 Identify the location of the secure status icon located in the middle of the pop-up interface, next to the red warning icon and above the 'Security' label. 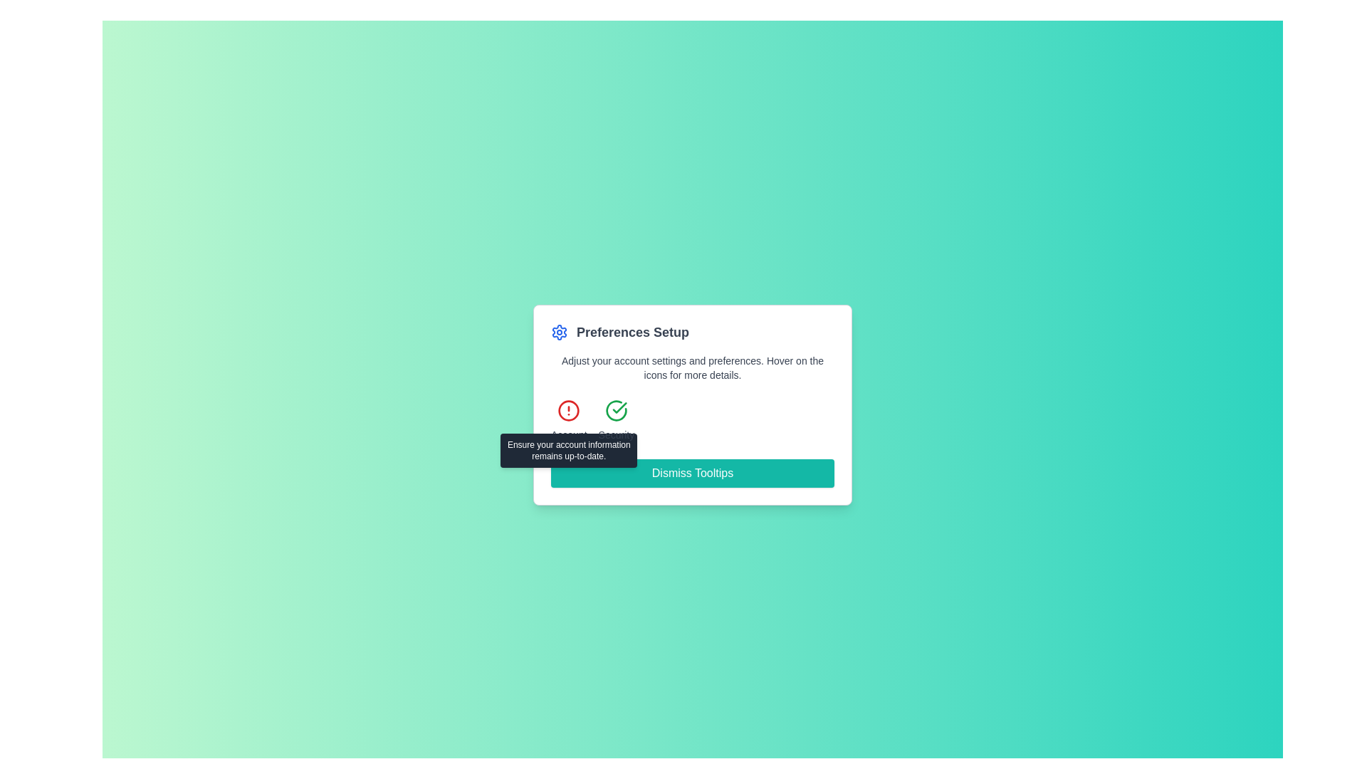
(616, 411).